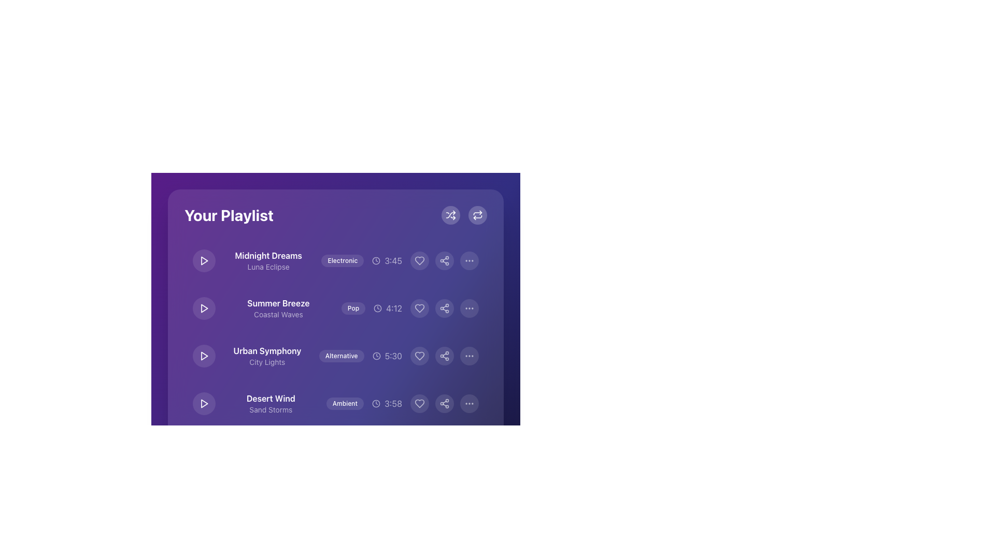  Describe the element at coordinates (262, 497) in the screenshot. I see `the rounded rectangular button with a white chevron pointing to the left` at that location.